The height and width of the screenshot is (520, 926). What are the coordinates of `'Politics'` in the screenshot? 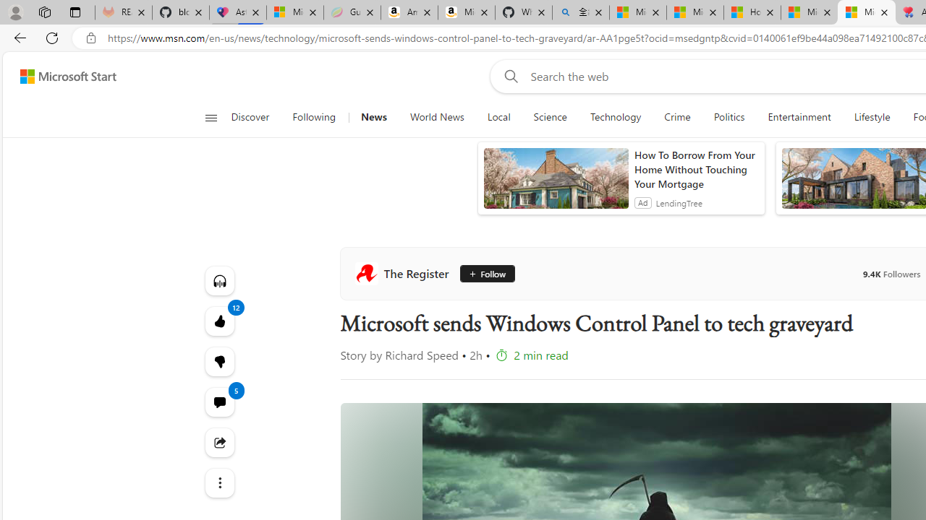 It's located at (729, 117).